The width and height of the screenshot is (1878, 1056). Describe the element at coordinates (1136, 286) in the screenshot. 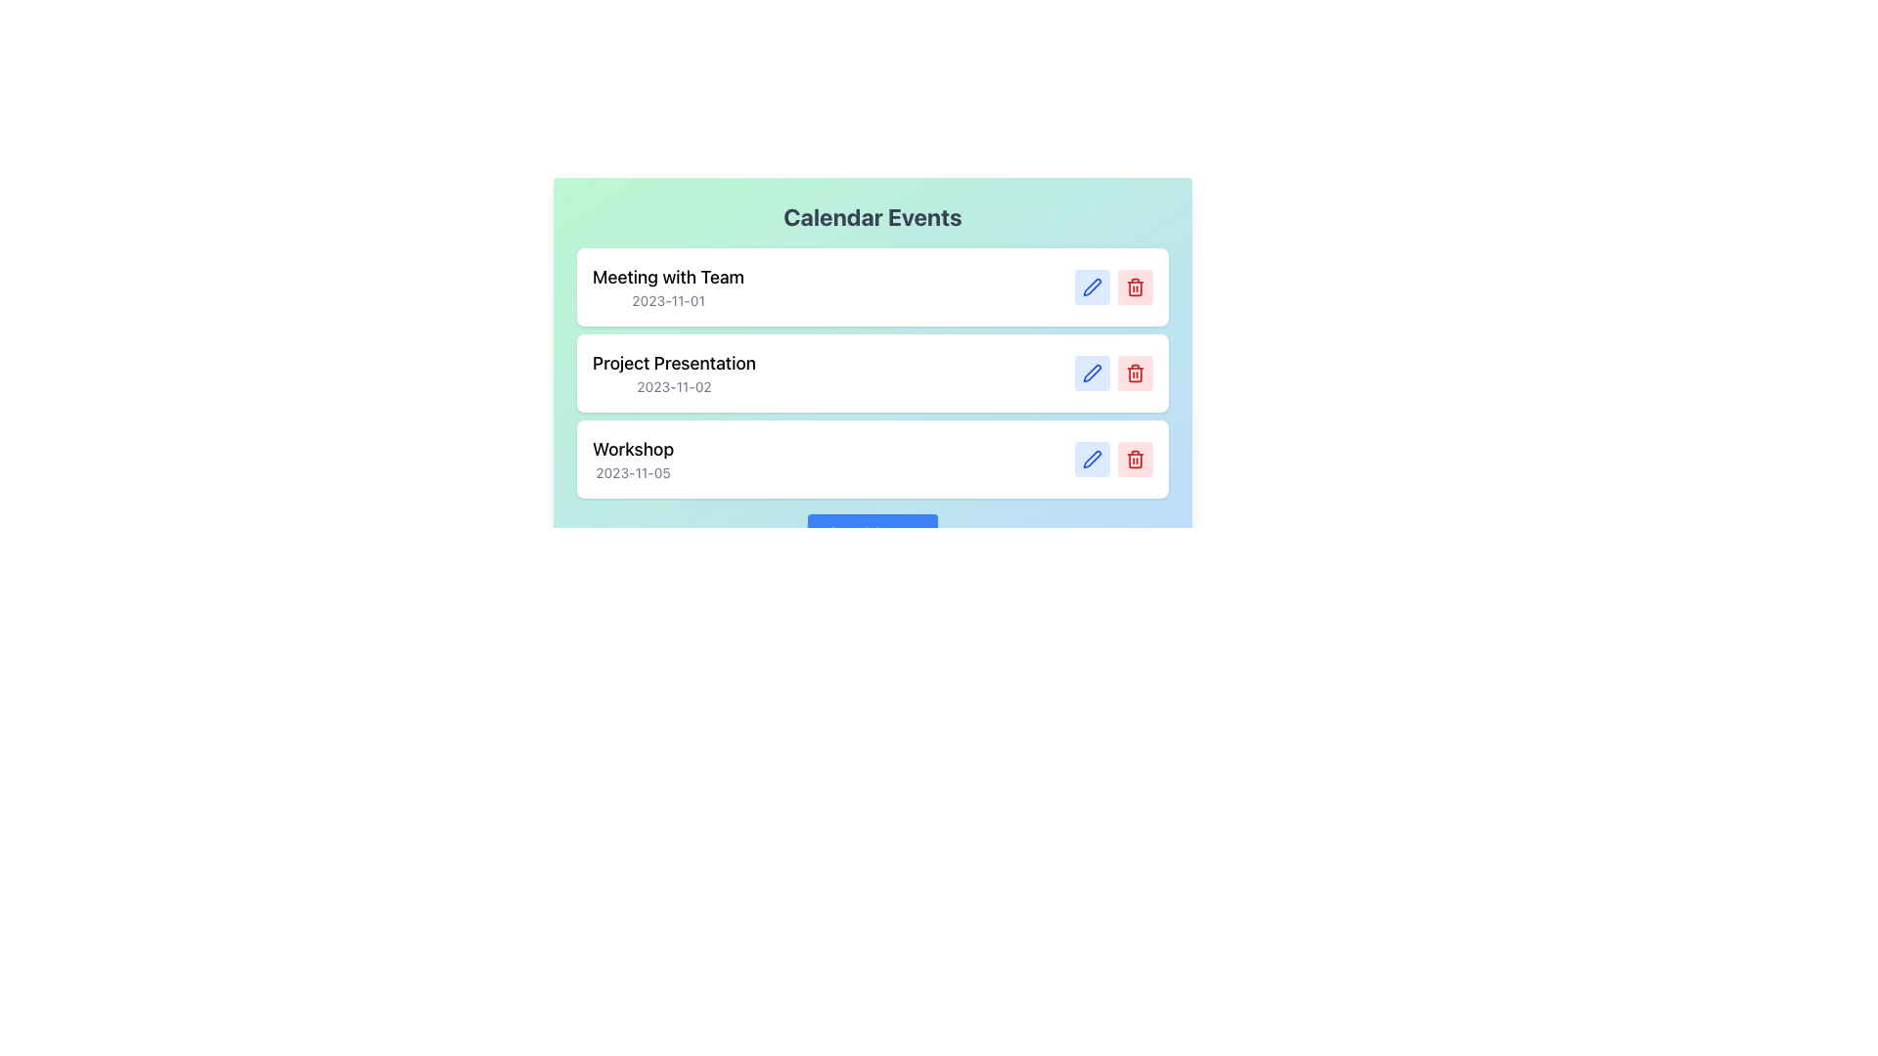

I see `the delete icon button located to the right of the blue 'edit' pencil icon in the 'Calendar Events' section` at that location.